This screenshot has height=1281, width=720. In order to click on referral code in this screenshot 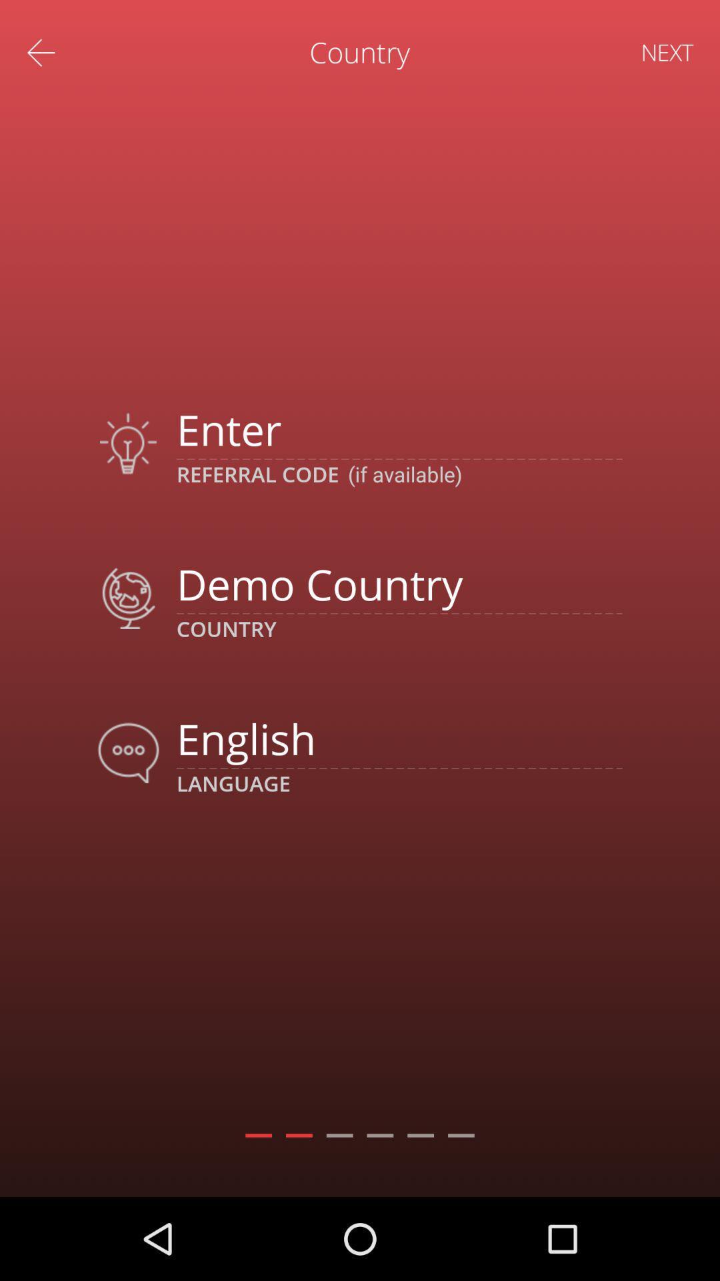, I will do `click(399, 429)`.